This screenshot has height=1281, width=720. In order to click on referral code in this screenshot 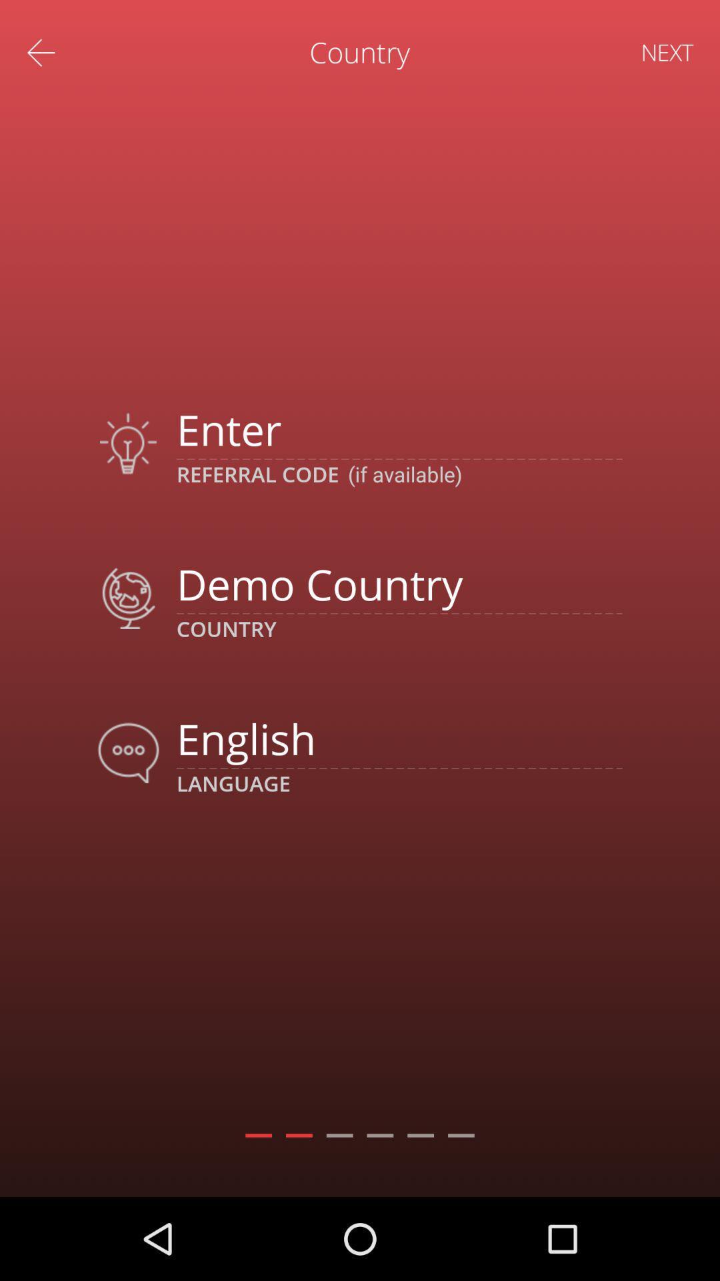, I will do `click(399, 429)`.